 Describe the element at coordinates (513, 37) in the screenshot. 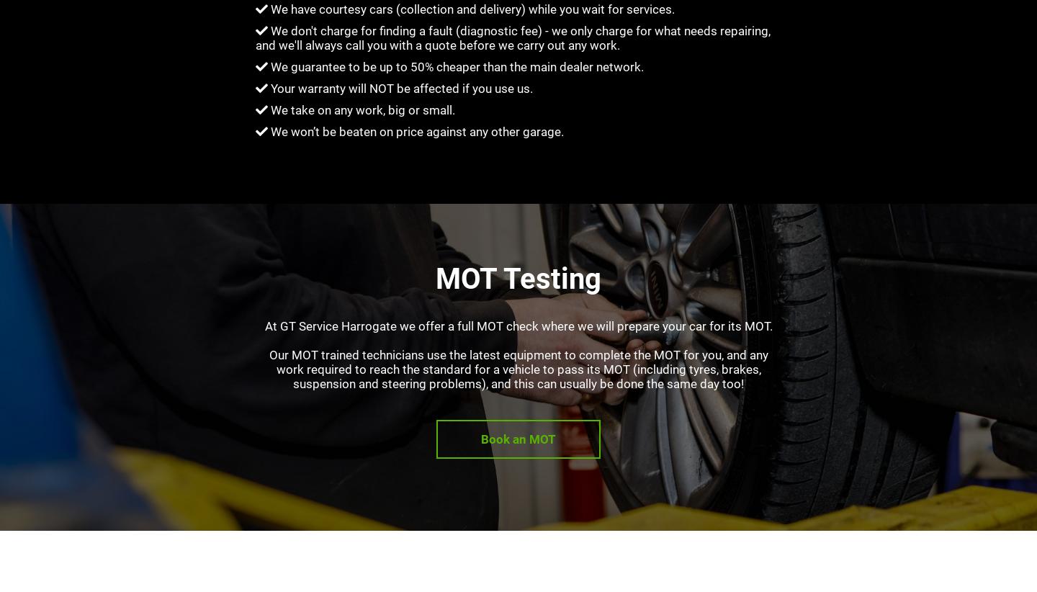

I see `'We don't charge for finding a fault (diagnostic fee) - we only charge for what needs repairing, and we'll always call you with a quote before we carry out any work.'` at that location.